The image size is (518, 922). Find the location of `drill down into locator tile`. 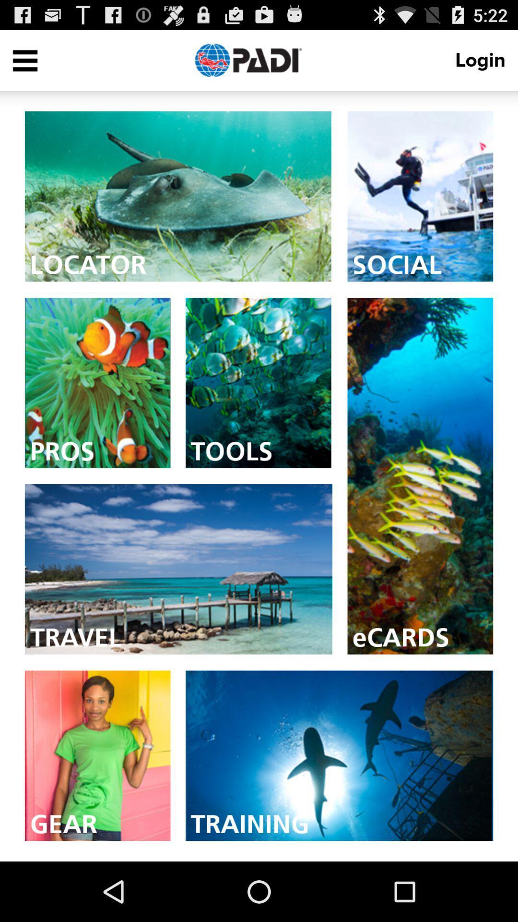

drill down into locator tile is located at coordinates (178, 196).